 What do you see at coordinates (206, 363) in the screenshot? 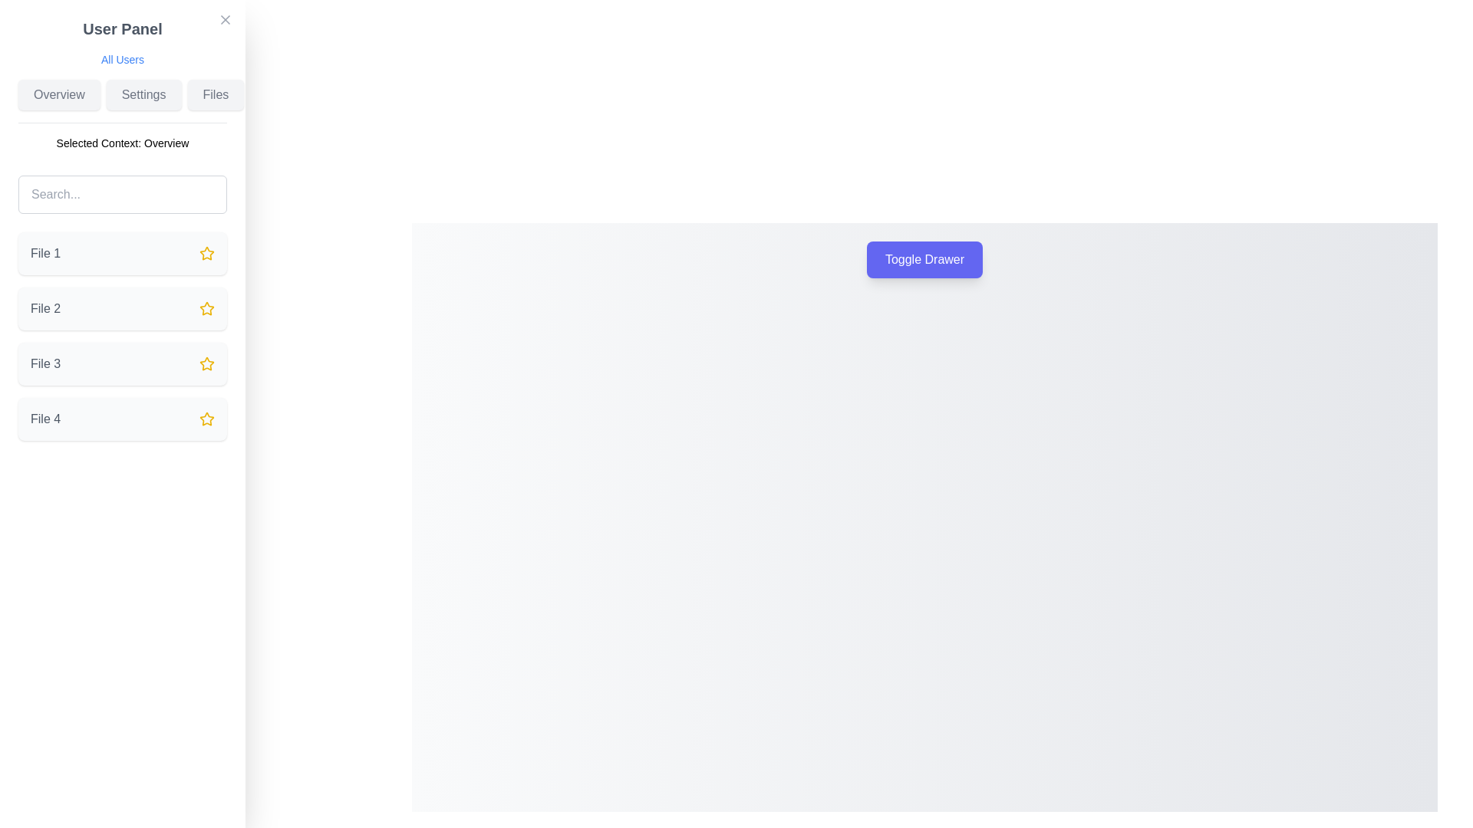
I see `the star-shaped icon representing the 'File 3' entry` at bounding box center [206, 363].